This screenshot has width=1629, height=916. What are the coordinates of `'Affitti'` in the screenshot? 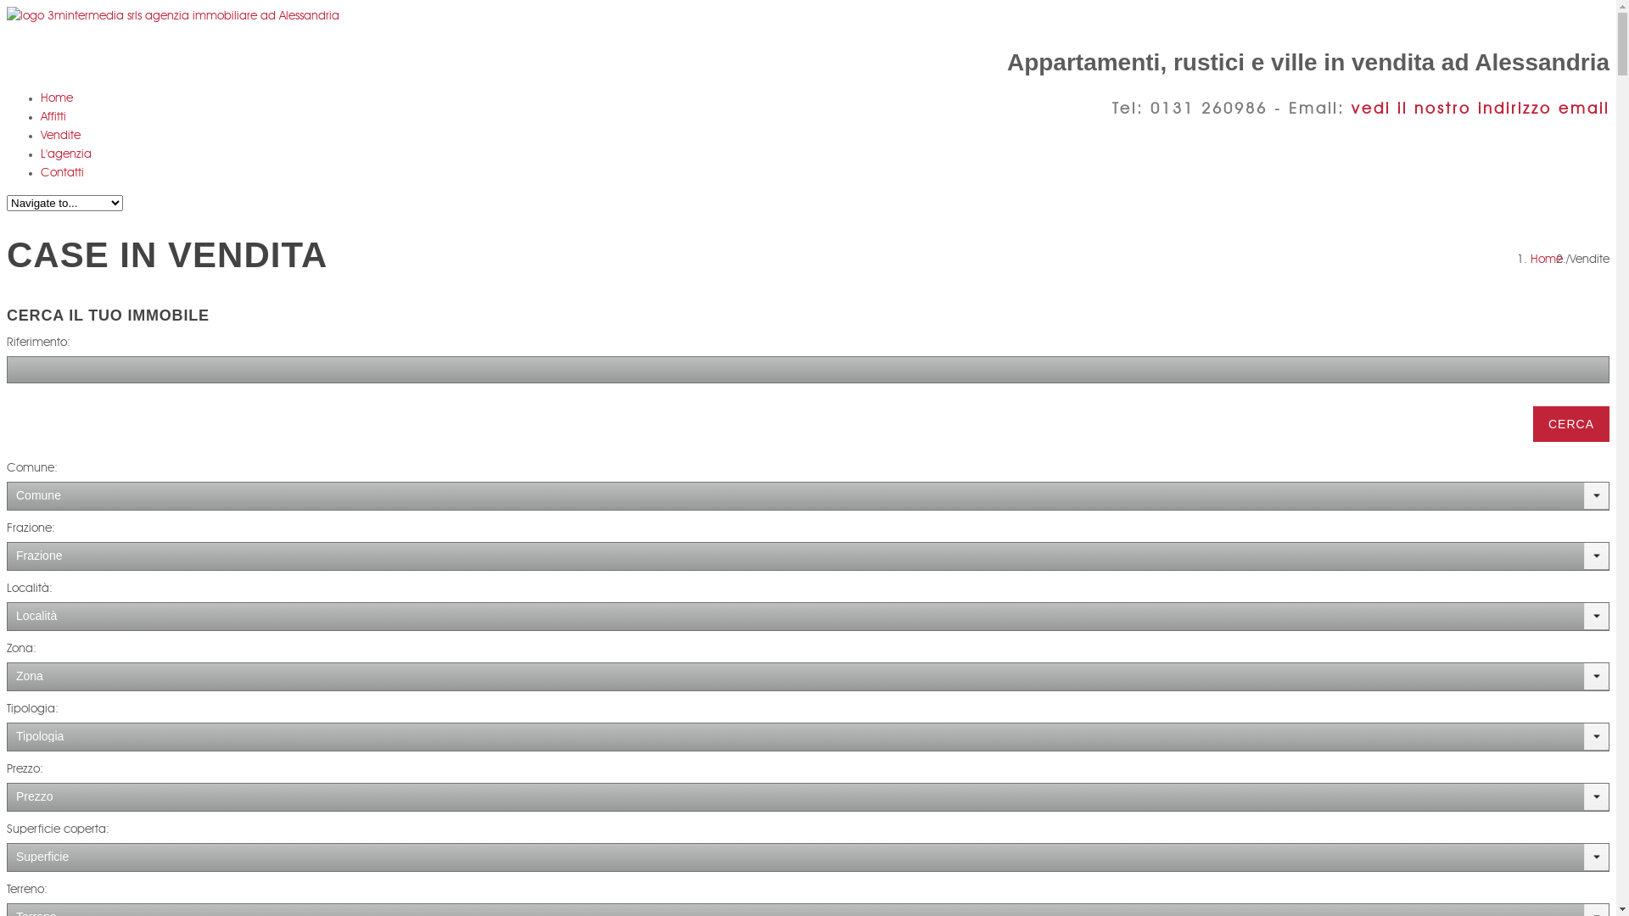 It's located at (53, 116).